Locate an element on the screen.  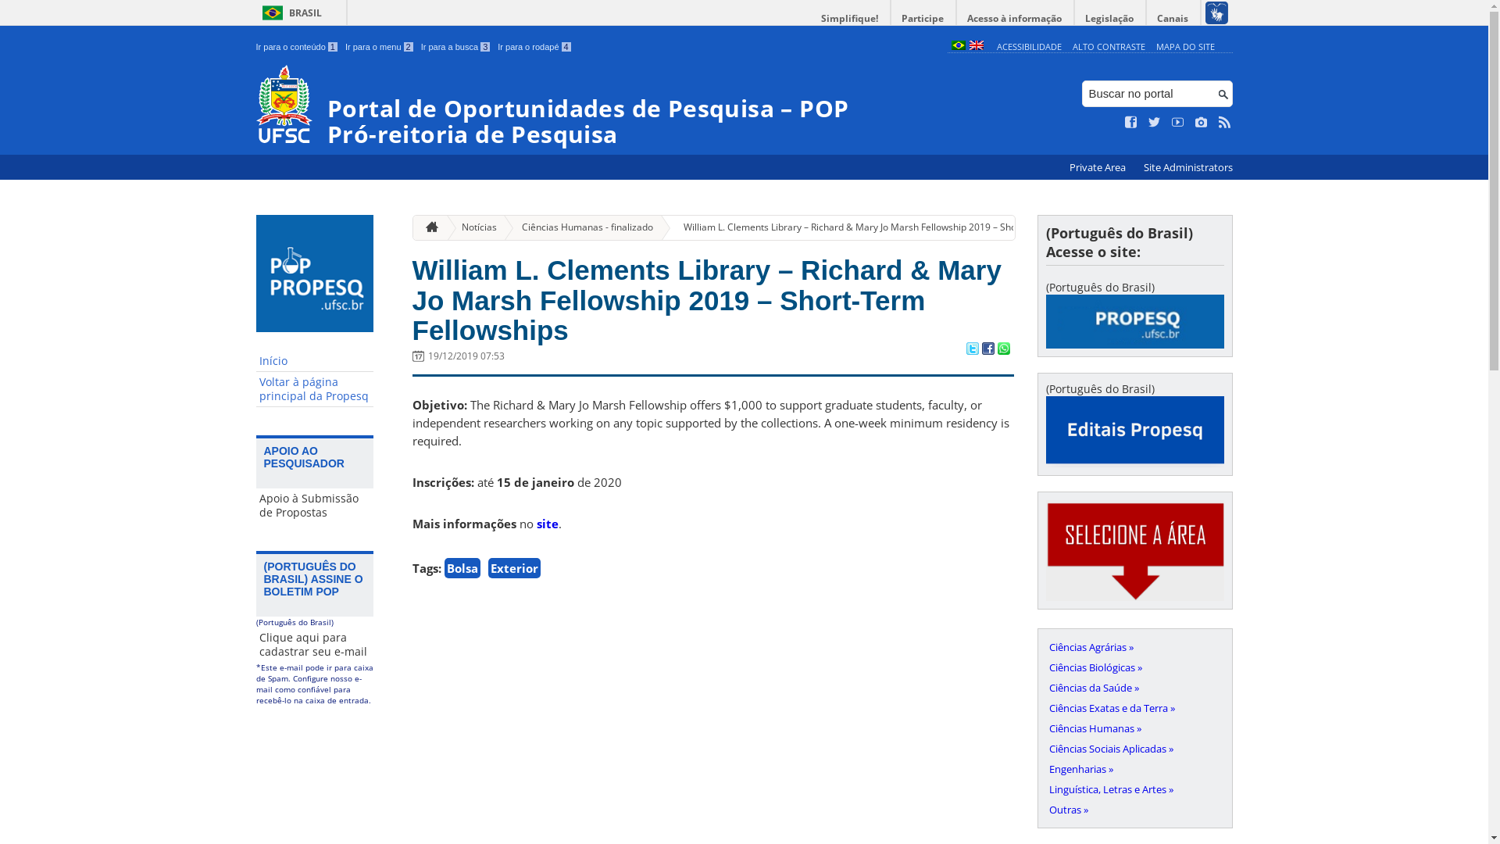
'site' is located at coordinates (547, 524).